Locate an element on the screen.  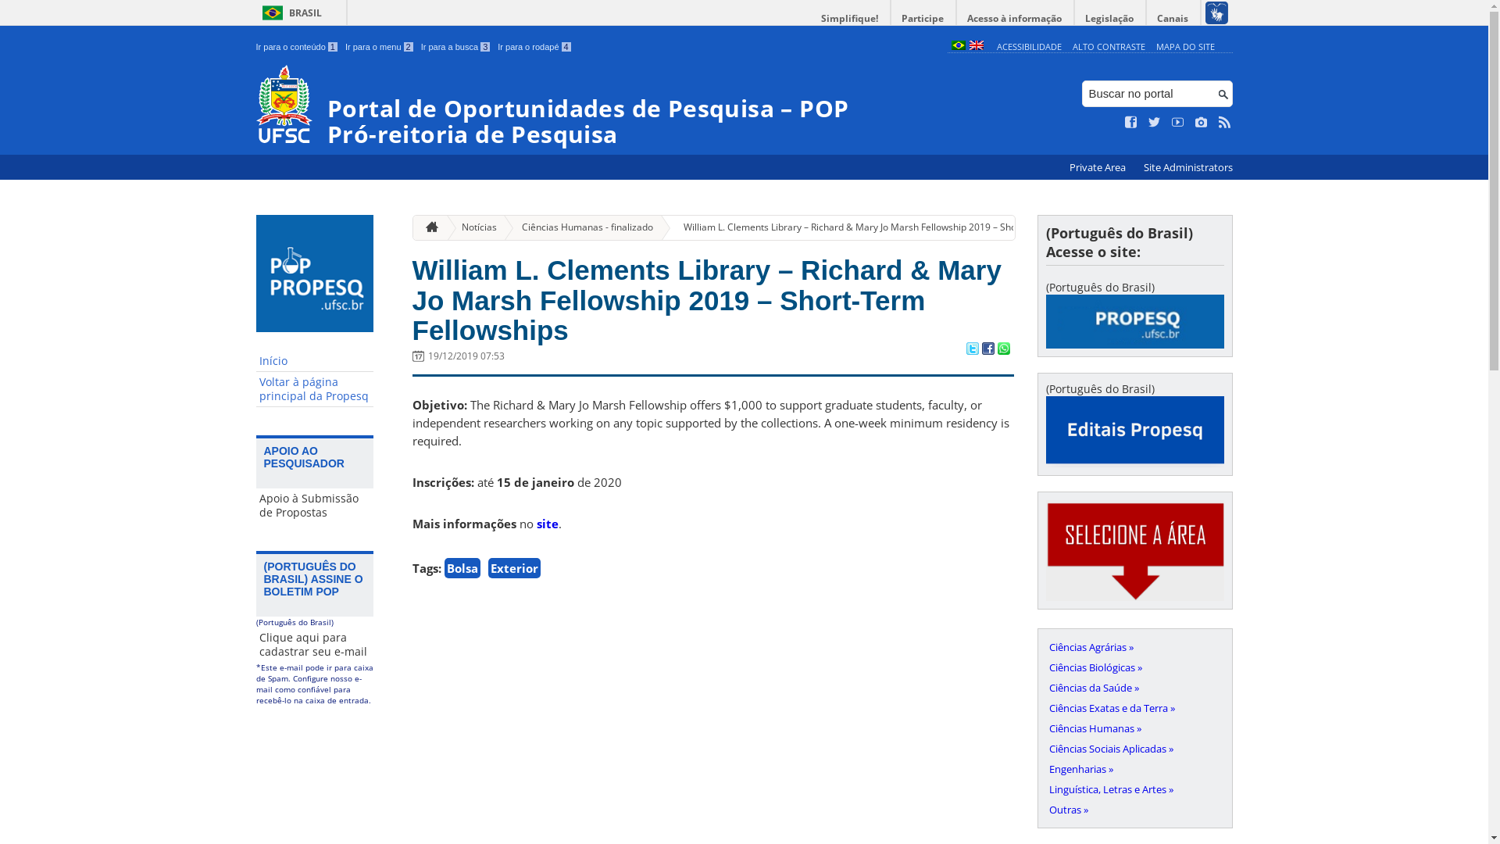
'site' is located at coordinates (547, 524).